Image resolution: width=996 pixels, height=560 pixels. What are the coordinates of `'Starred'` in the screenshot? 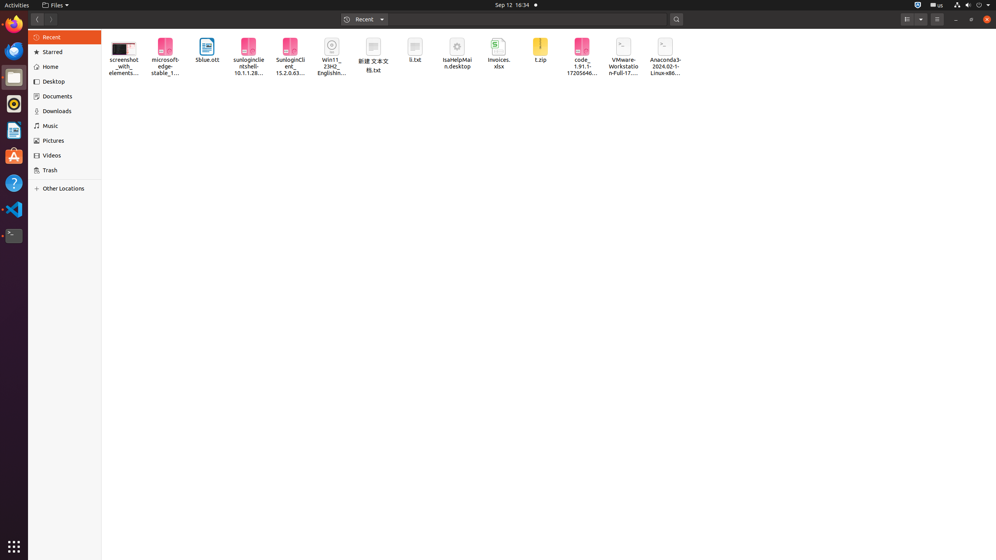 It's located at (68, 52).